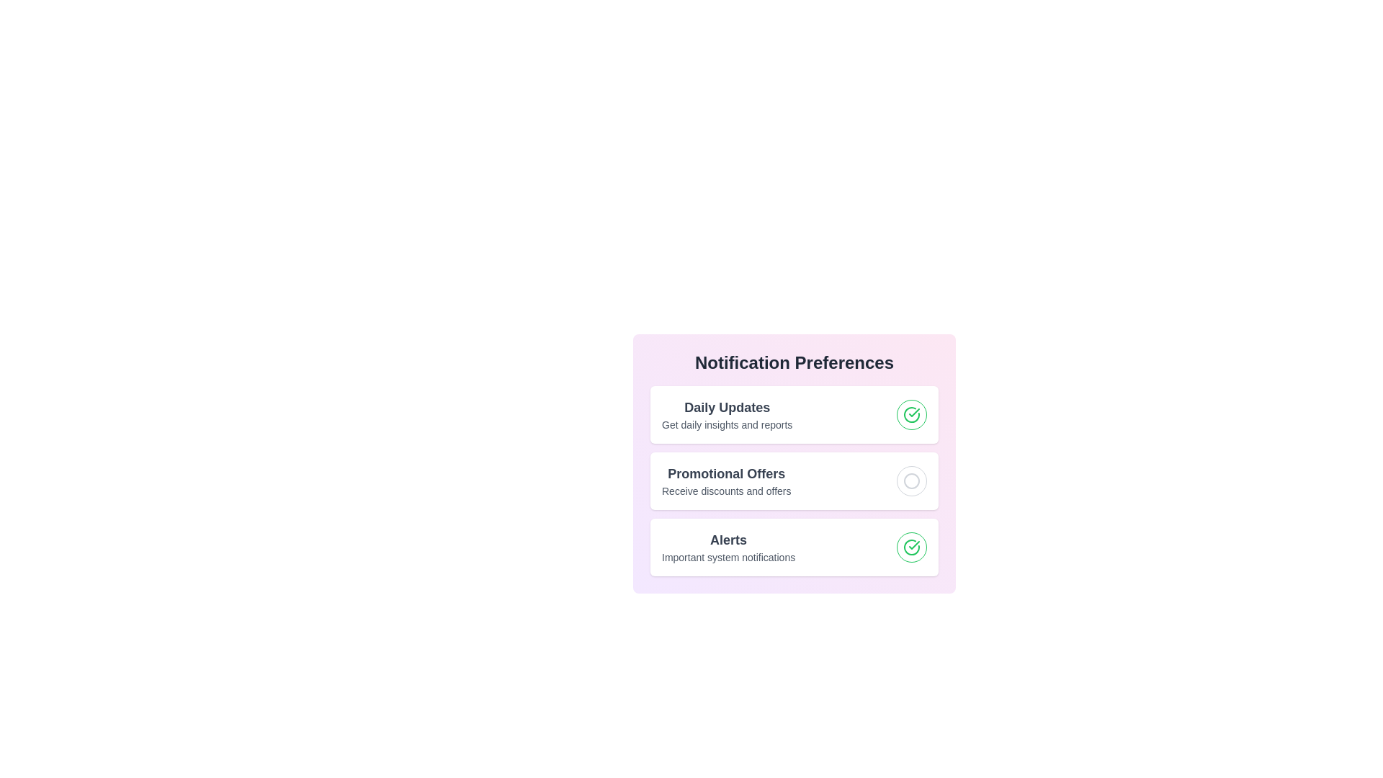  What do you see at coordinates (794, 480) in the screenshot?
I see `the visual layout of Promotional Offers in the NotificationSelector component` at bounding box center [794, 480].